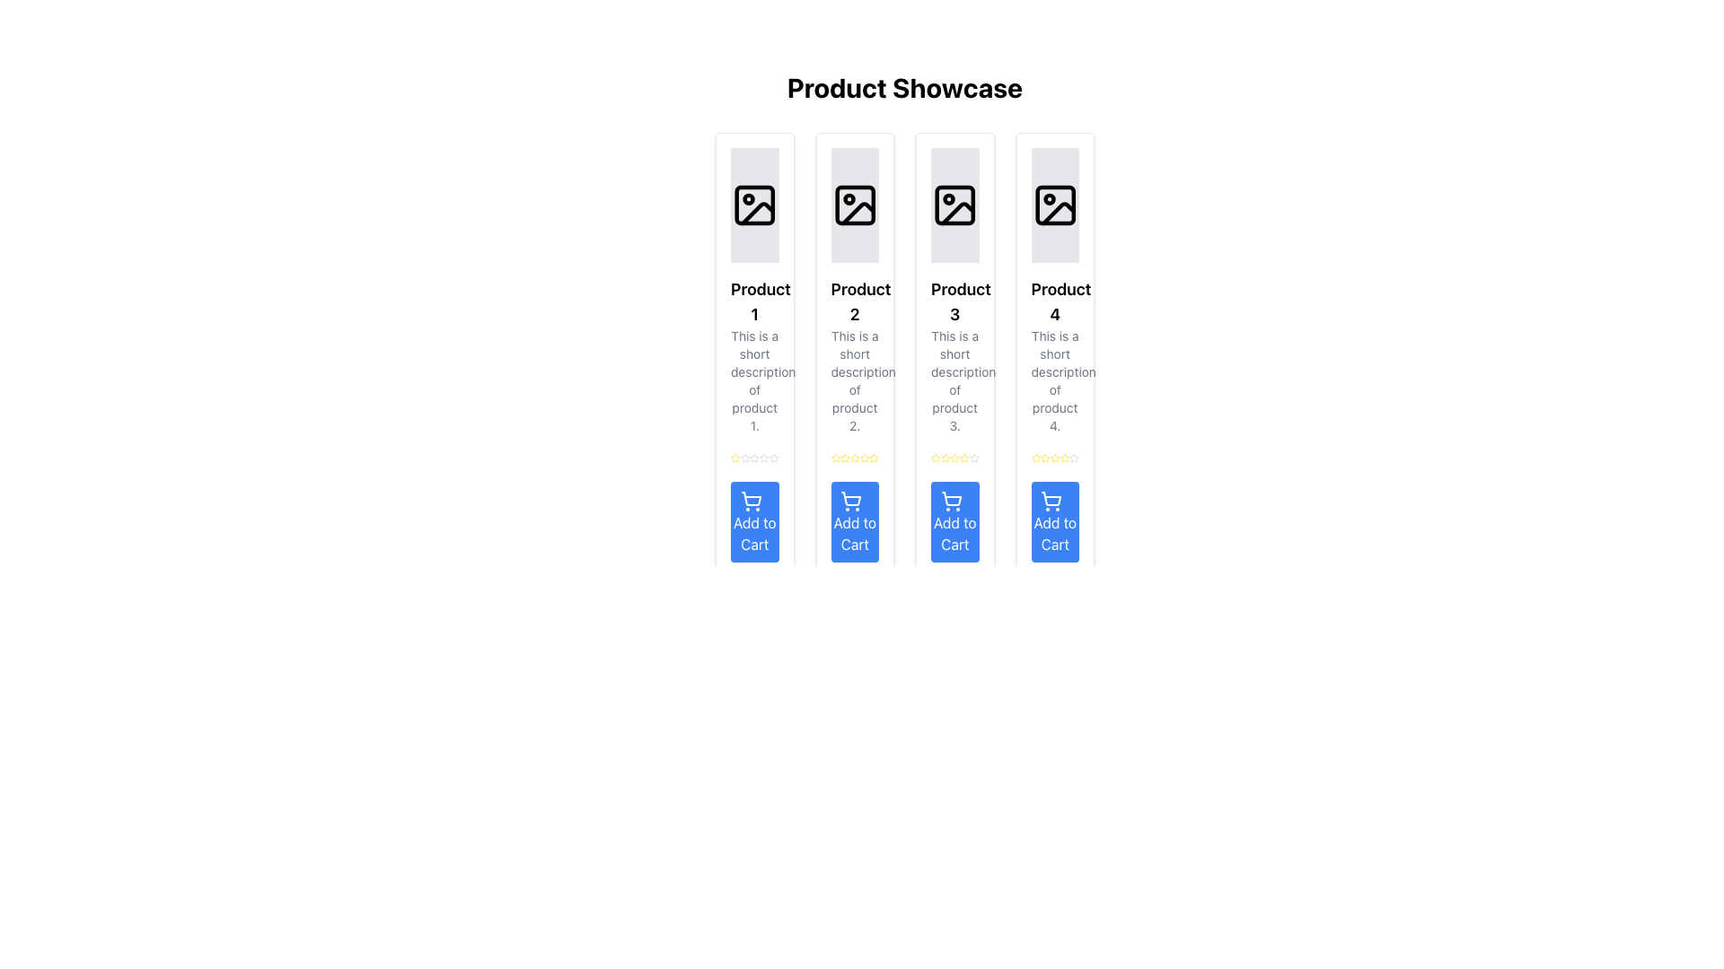  I want to click on the mountain icon with a sun overlay located at the top section of the 'Product 3' card in the grid of product cards, so click(957, 213).